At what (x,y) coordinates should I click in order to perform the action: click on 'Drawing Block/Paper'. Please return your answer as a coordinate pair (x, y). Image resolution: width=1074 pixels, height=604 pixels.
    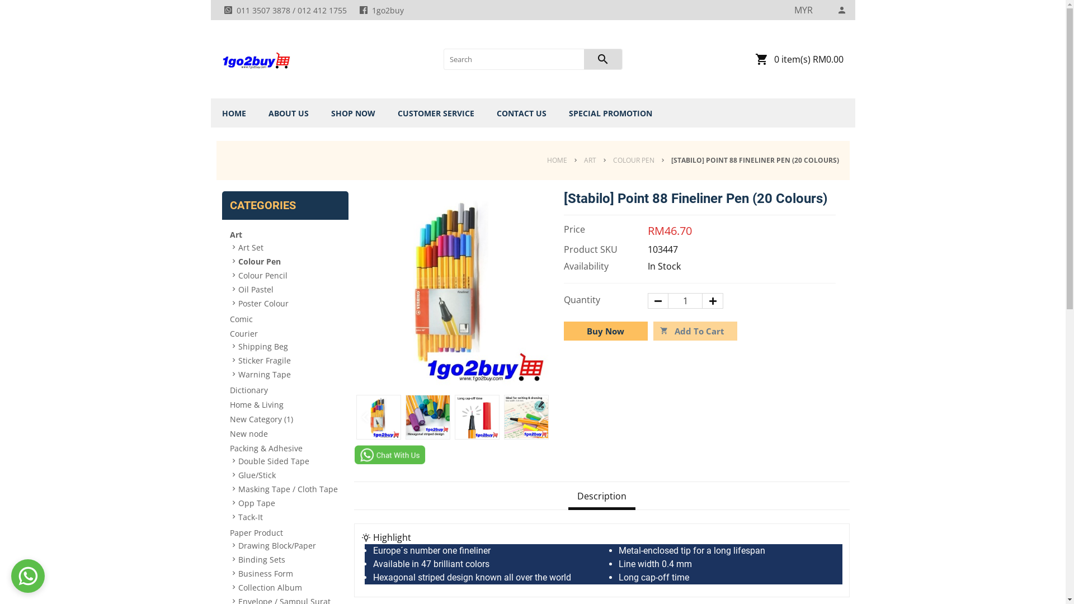
    Looking at the image, I should click on (289, 544).